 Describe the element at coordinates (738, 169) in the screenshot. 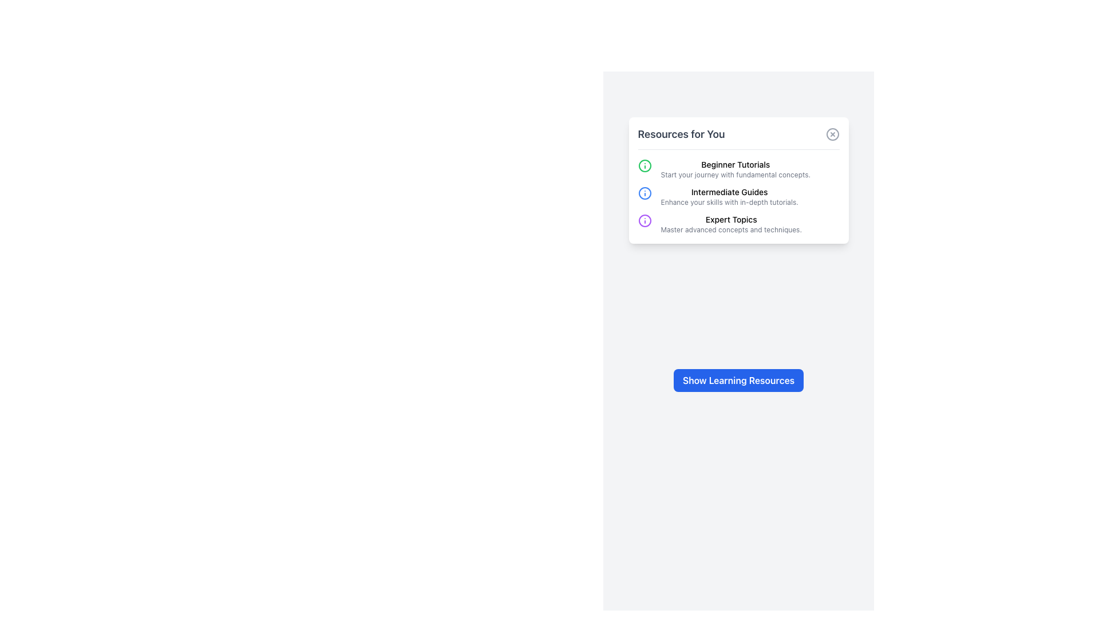

I see `the first composite list item in the 'Resources for You' card` at that location.